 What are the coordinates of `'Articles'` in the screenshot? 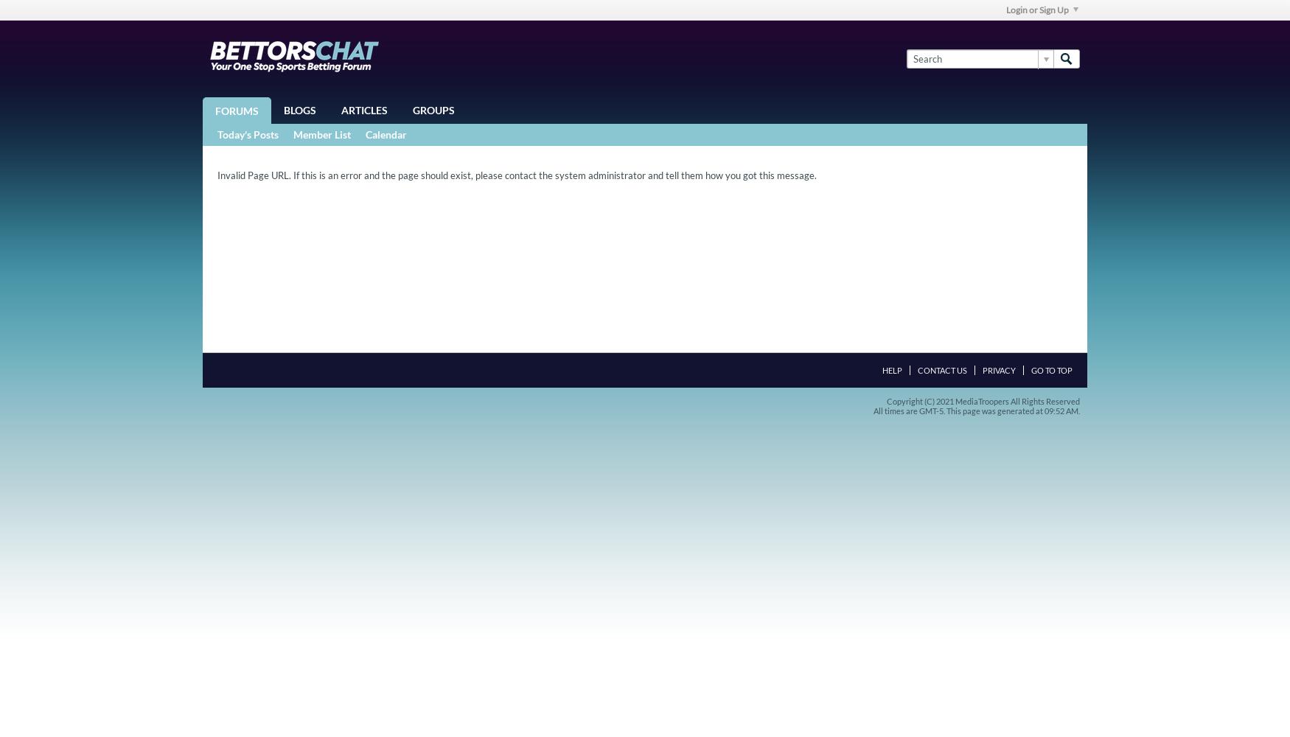 It's located at (364, 110).